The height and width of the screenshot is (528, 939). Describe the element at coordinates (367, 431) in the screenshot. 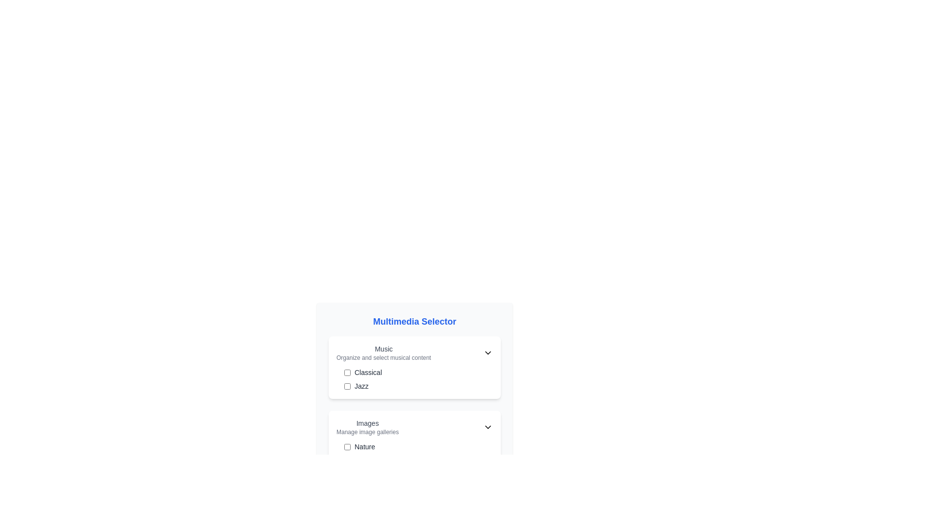

I see `the Static Text Label located beneath the 'Images' label and above the 'Nature' checkbox, which provides a brief description for the 'Images' section` at that location.